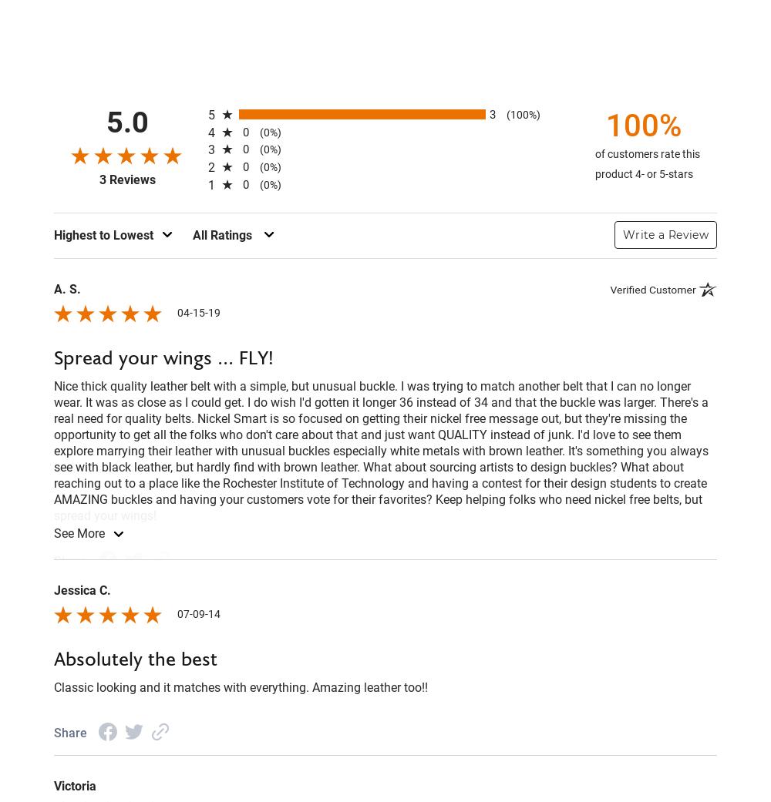  Describe the element at coordinates (53, 786) in the screenshot. I see `'Victoria'` at that location.